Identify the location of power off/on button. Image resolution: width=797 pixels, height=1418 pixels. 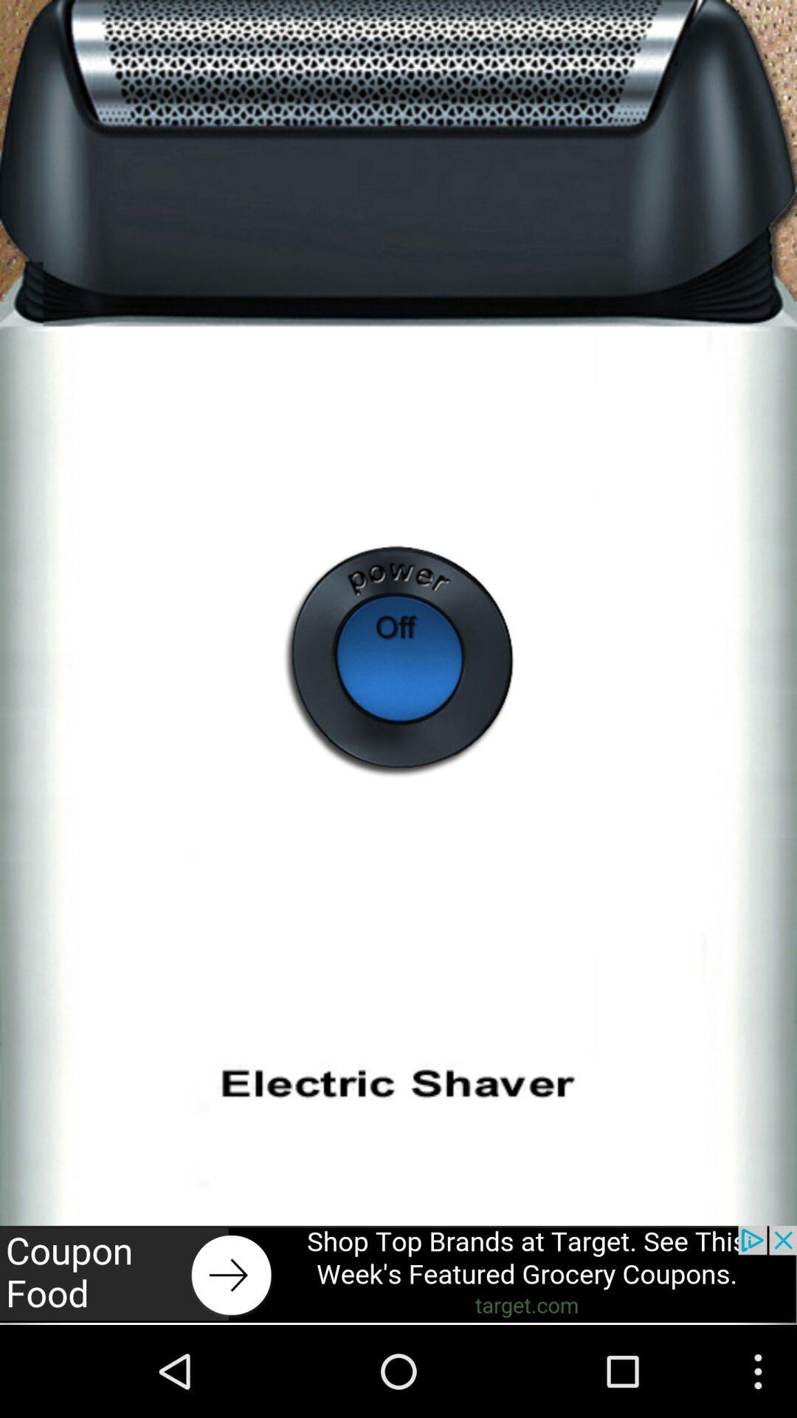
(398, 662).